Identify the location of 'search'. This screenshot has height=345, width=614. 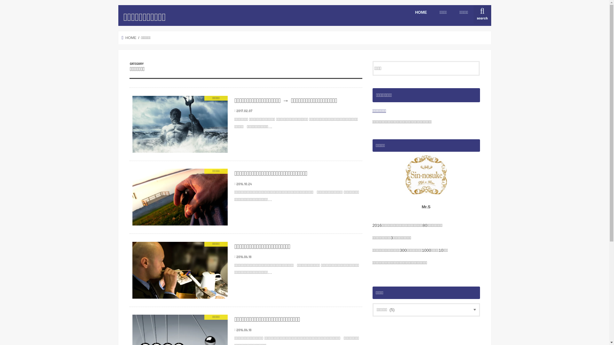
(482, 14).